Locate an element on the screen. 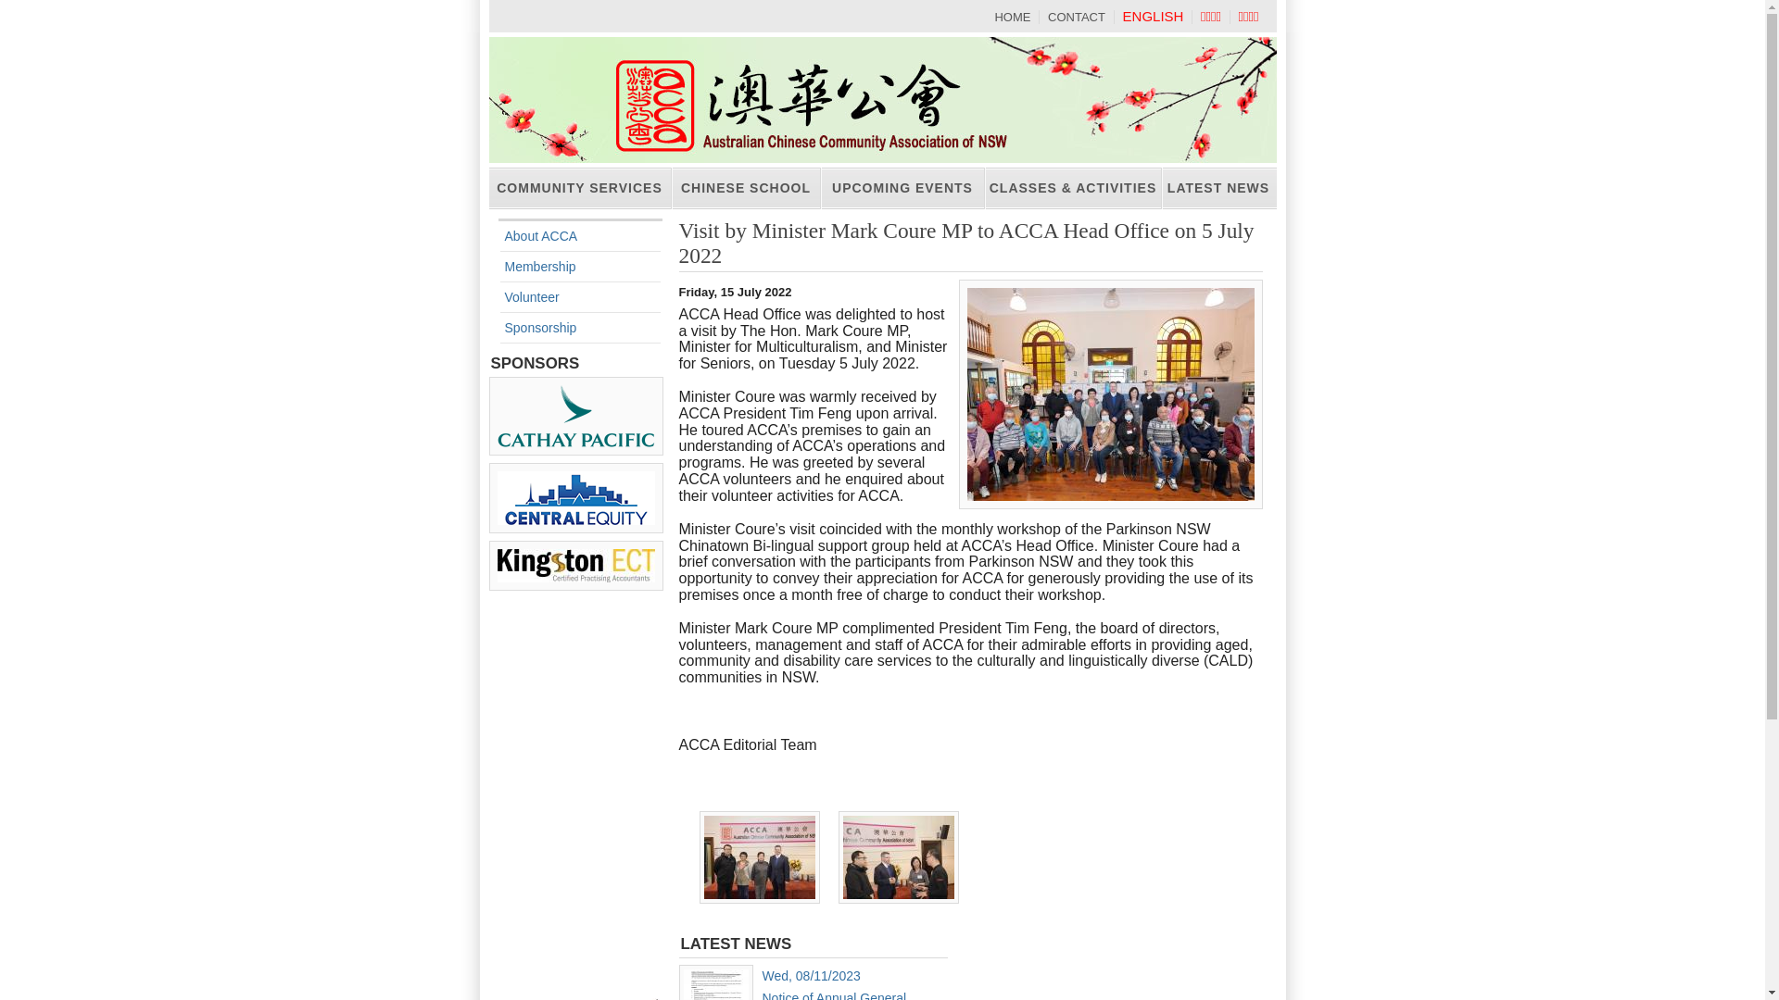 The image size is (1779, 1000). 'CONTACT' is located at coordinates (1076, 17).